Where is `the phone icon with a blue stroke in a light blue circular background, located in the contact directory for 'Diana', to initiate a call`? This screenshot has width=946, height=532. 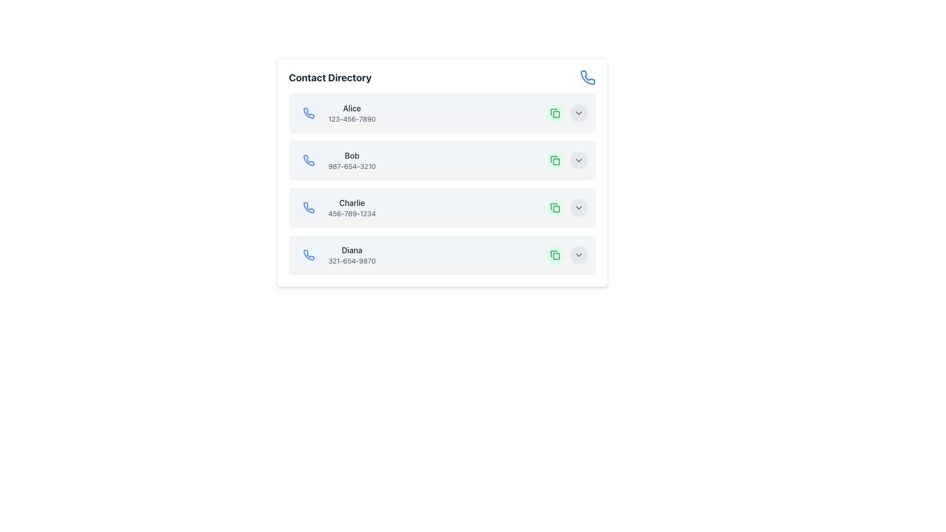 the phone icon with a blue stroke in a light blue circular background, located in the contact directory for 'Diana', to initiate a call is located at coordinates (308, 254).